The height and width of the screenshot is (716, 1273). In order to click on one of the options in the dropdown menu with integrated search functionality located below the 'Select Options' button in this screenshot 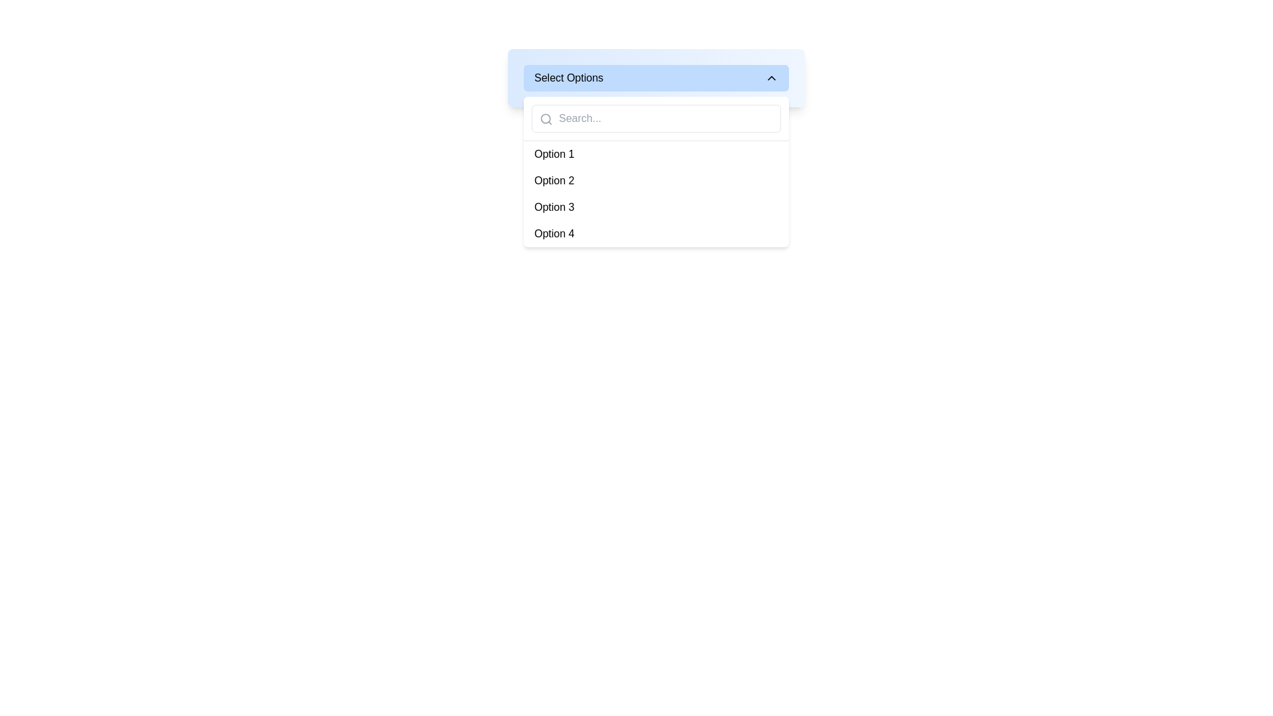, I will do `click(656, 171)`.